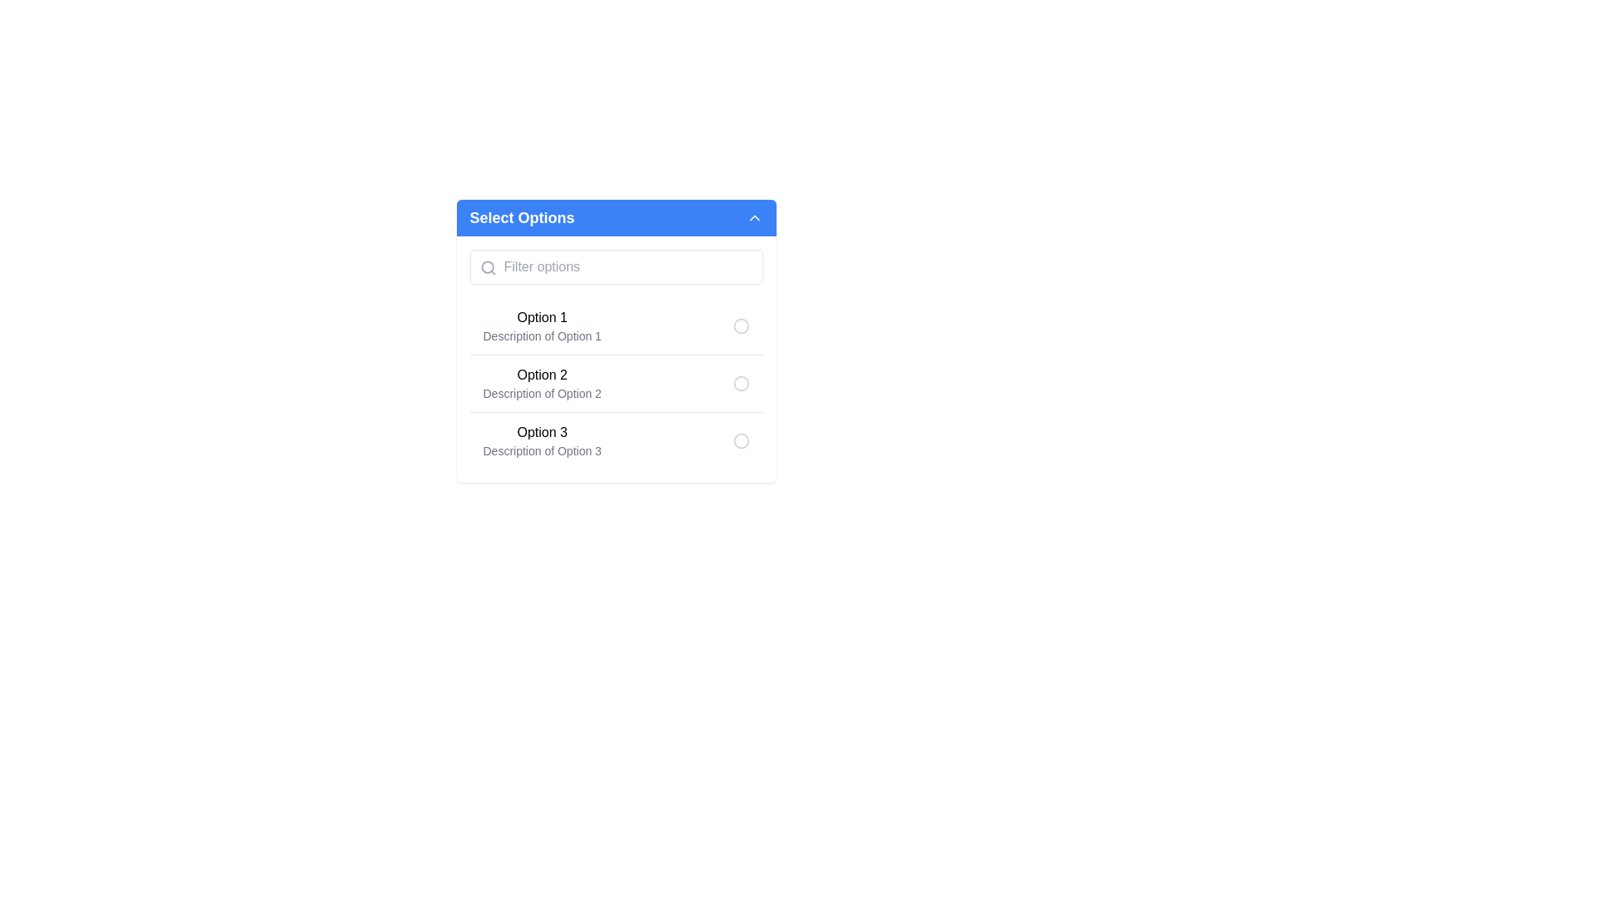 This screenshot has height=899, width=1598. What do you see at coordinates (542, 336) in the screenshot?
I see `information displayed in the text label that reads 'Description of Option 1', which is styled in a smaller font and gray color, located directly below the 'Option 1' header` at bounding box center [542, 336].